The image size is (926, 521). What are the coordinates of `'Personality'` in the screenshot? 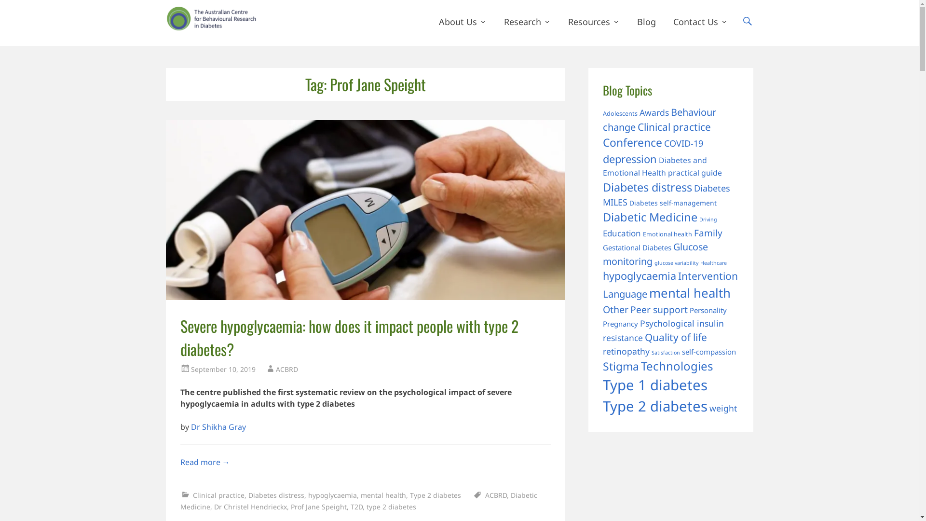 It's located at (708, 310).